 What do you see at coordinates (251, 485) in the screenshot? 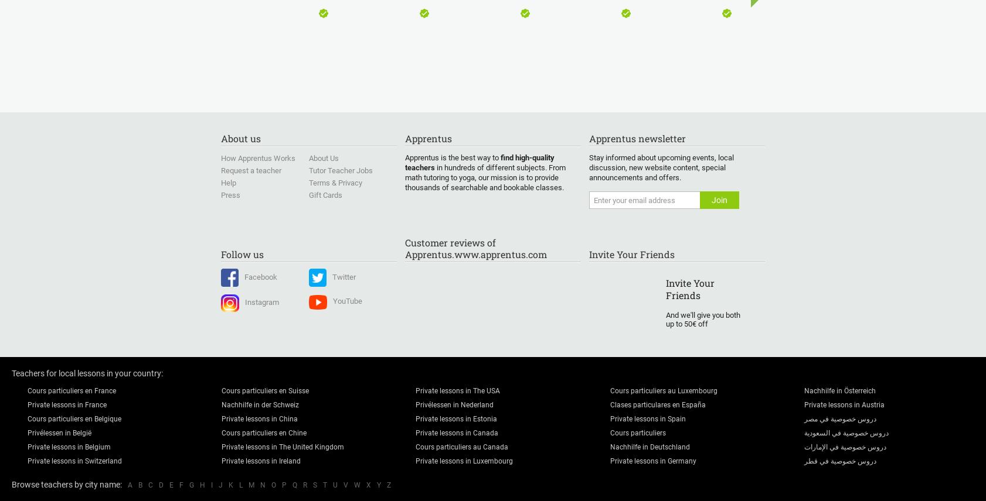
I see `'M'` at bounding box center [251, 485].